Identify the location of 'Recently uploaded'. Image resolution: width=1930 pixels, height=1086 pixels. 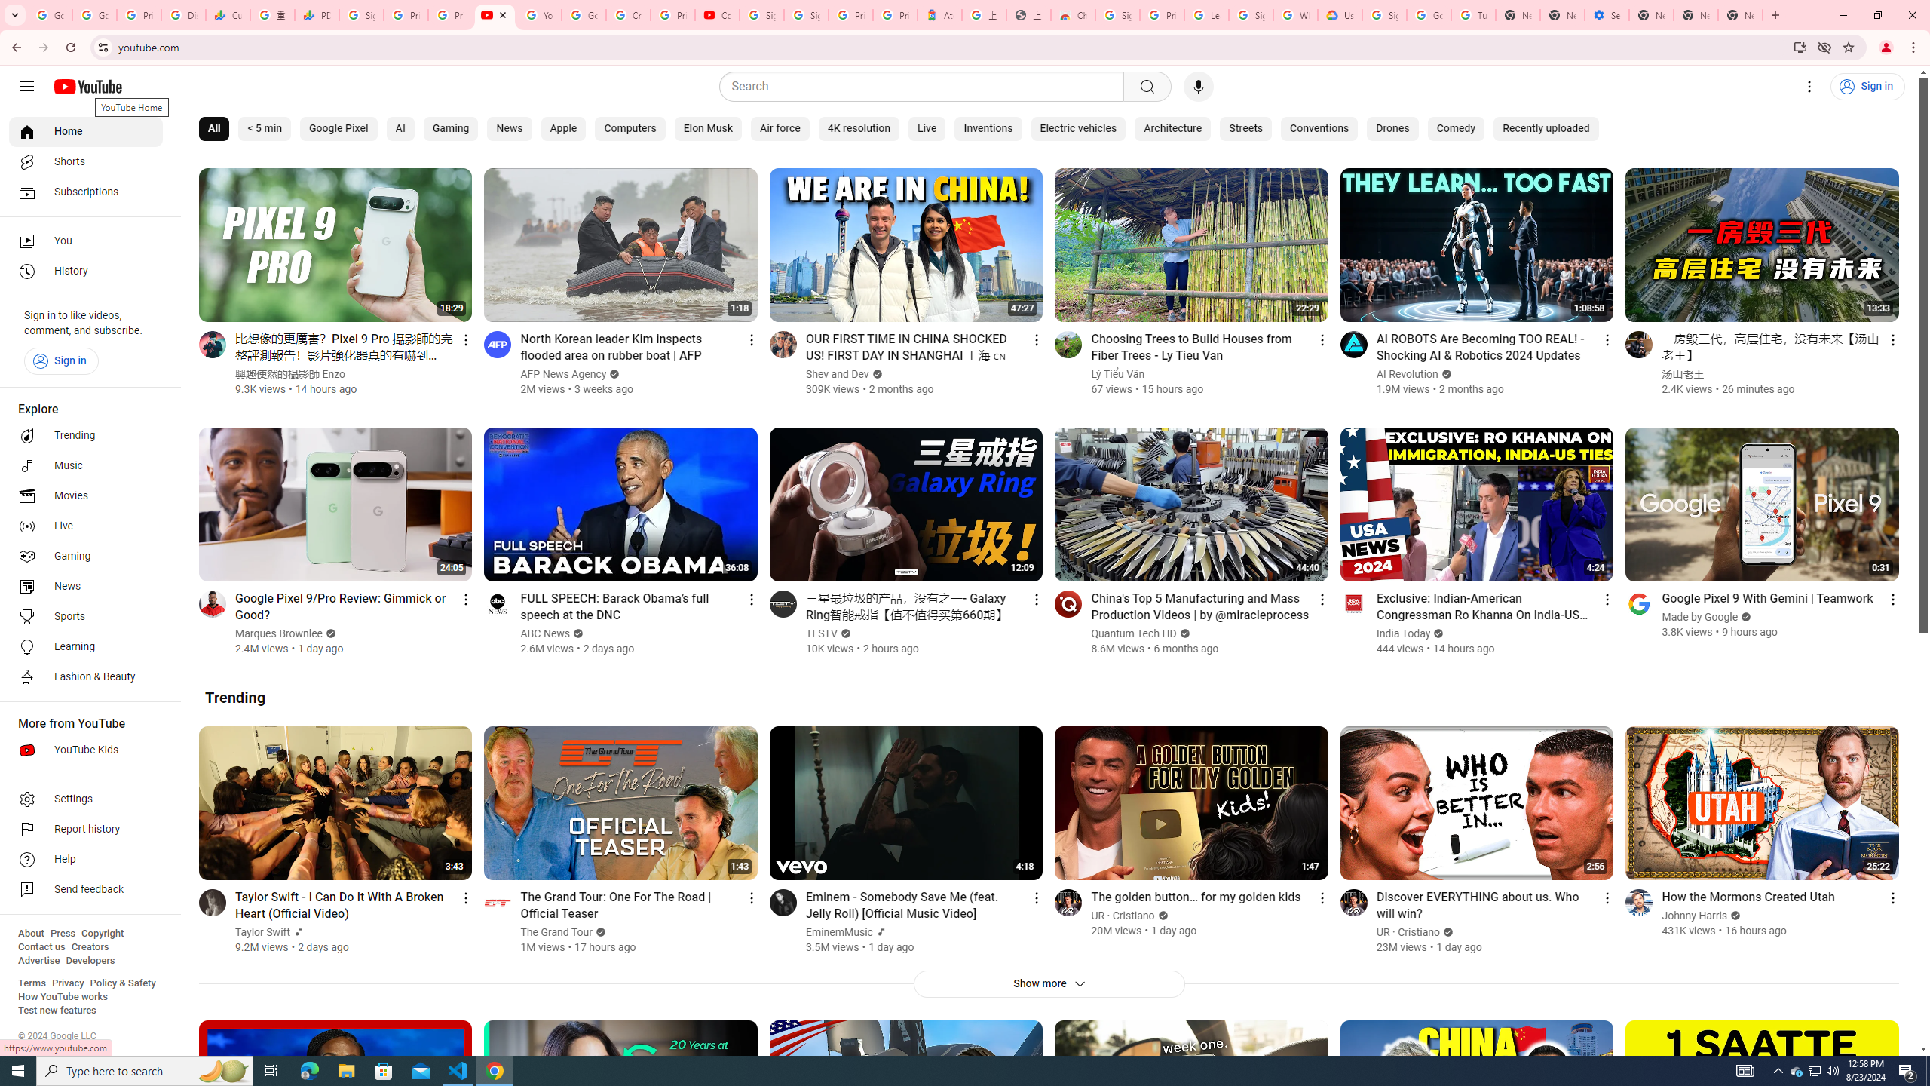
(1546, 129).